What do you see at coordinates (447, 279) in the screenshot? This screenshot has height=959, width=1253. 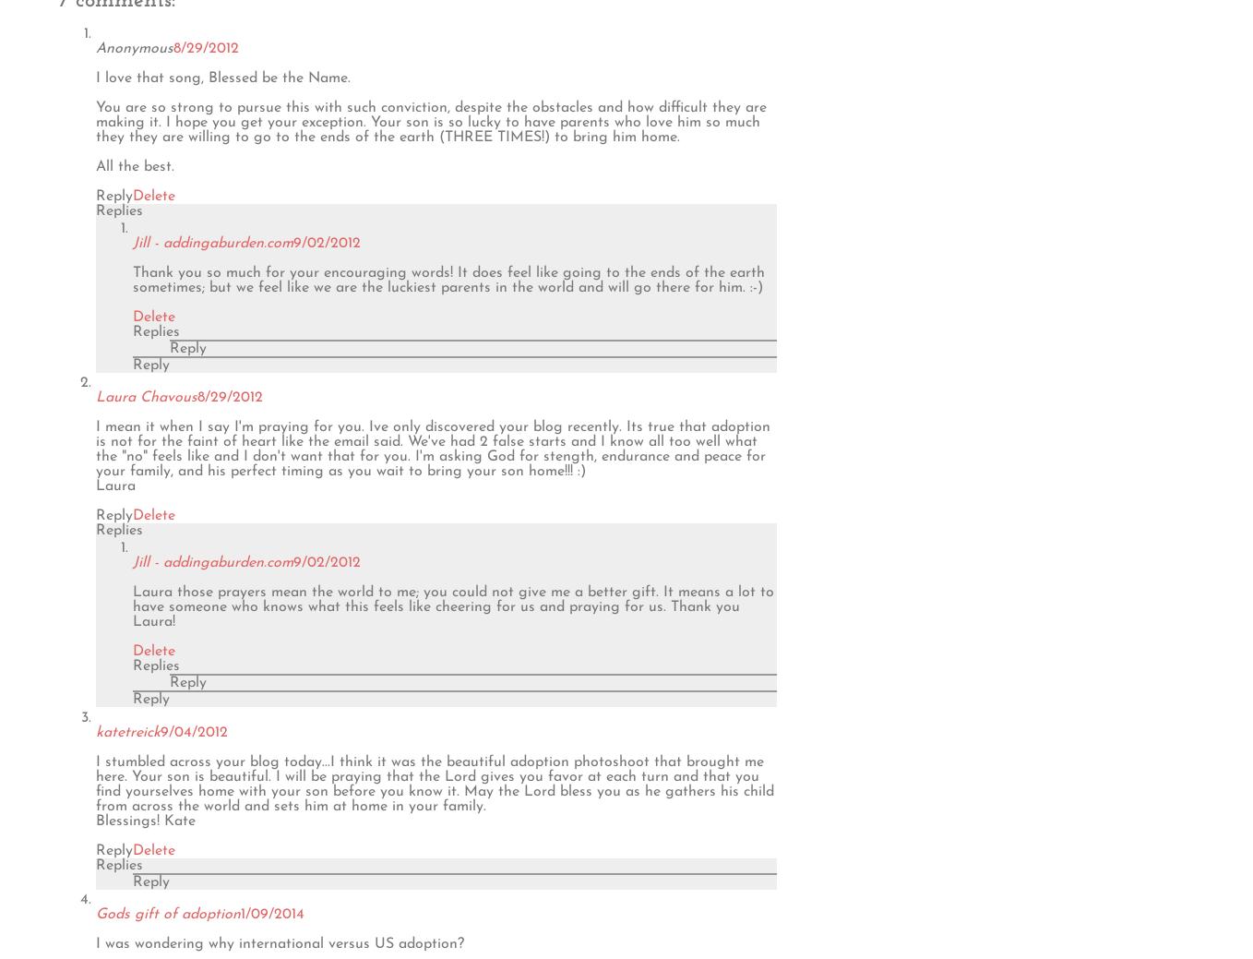 I see `'Thank you so much for your encouraging words!  It does feel like going to the ends of the earth sometimes; but we feel like we are the luckiest parents in the world and will go there for him. :-)'` at bounding box center [447, 279].